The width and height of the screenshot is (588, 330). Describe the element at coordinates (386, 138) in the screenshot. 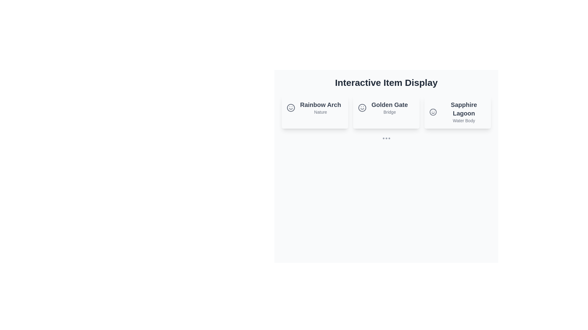

I see `the Ellipsis icon located below the 'Golden Gate Bridge' card, which indicates additional functionalities or options in the interface` at that location.